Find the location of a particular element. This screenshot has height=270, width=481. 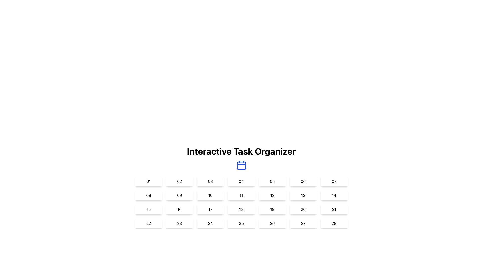

the interactive button displaying the number '03' is located at coordinates (210, 181).